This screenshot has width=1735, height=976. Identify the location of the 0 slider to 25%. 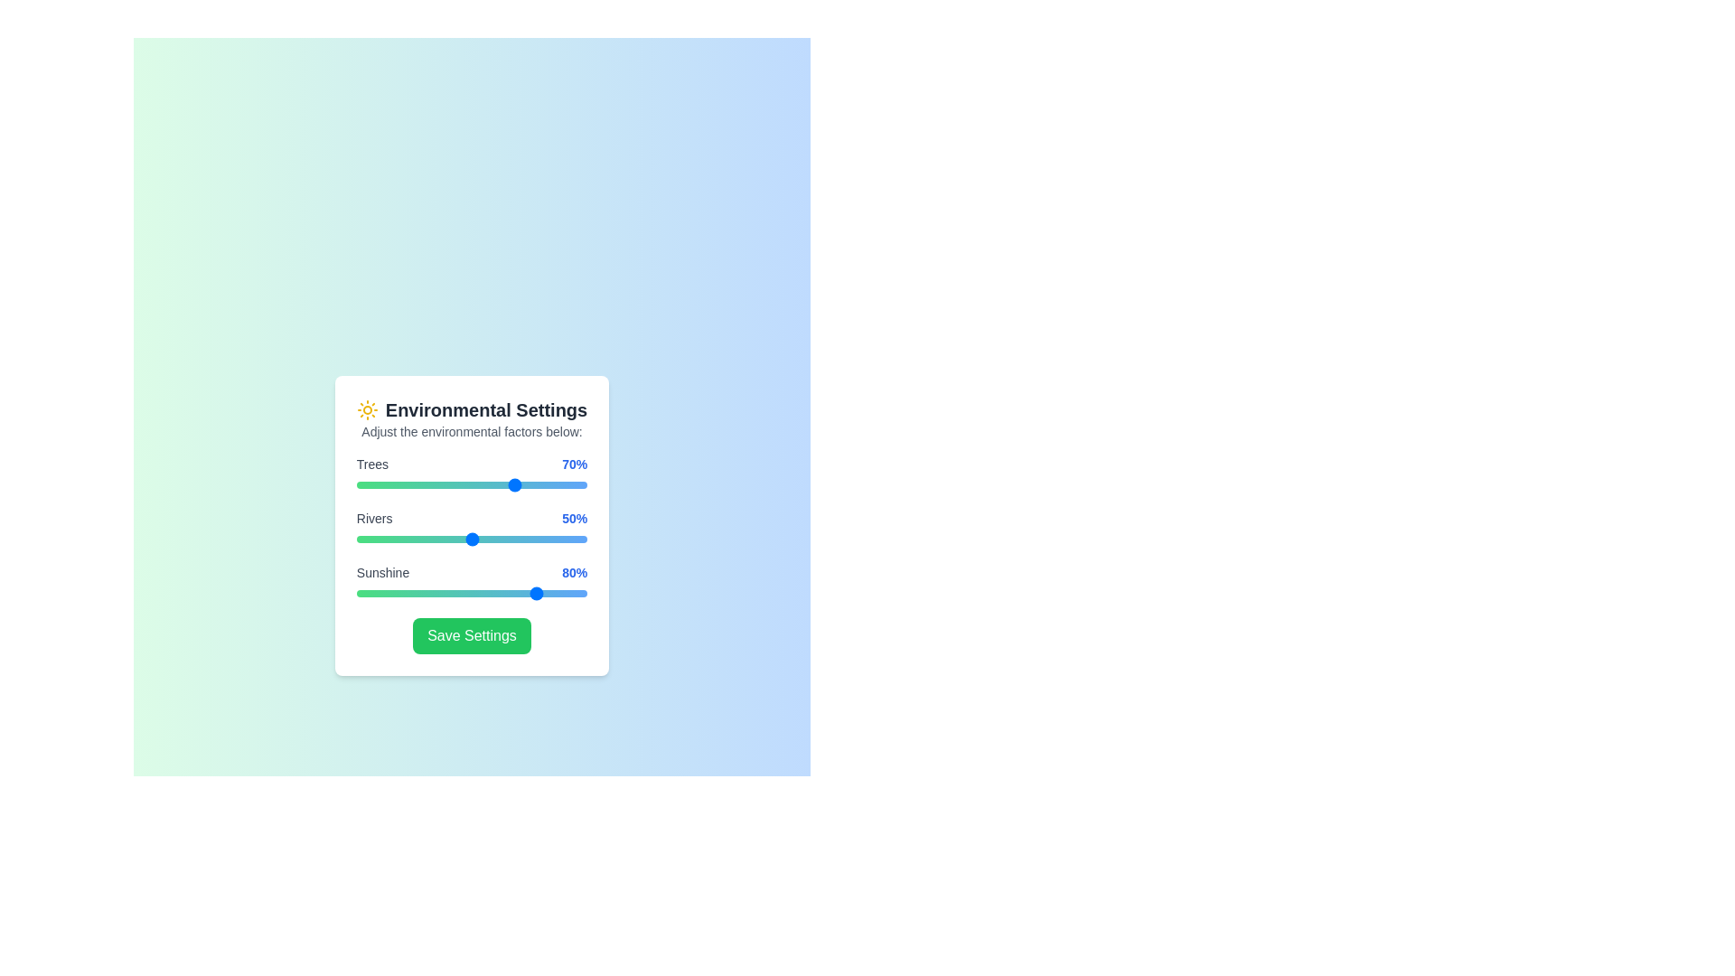
(413, 483).